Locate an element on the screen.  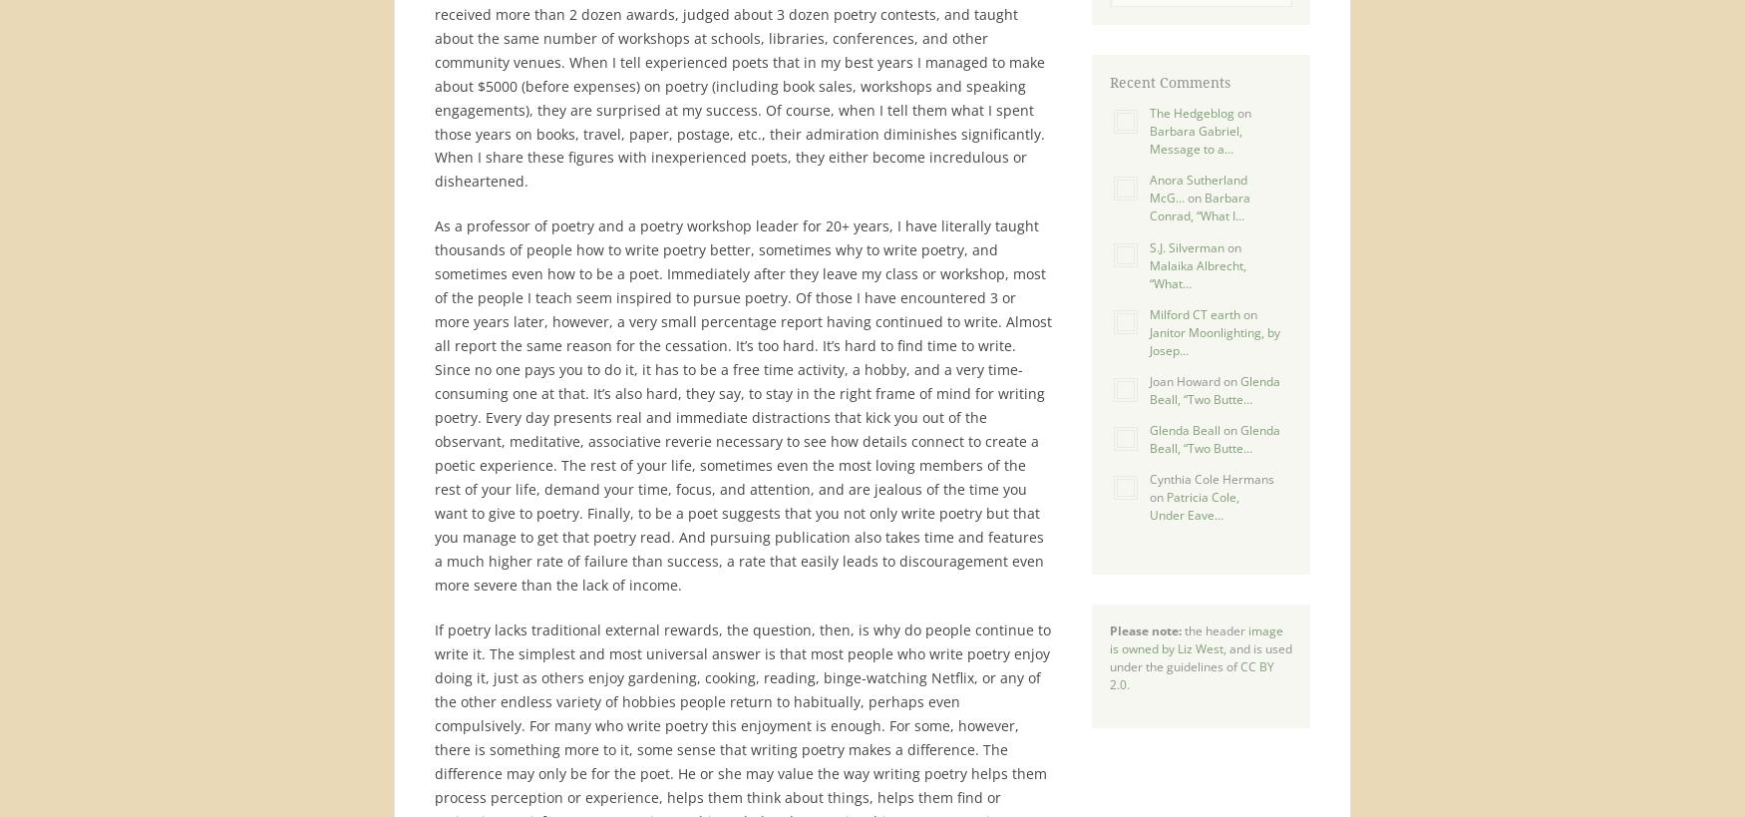
'CC BY 2.0' is located at coordinates (1191, 674).